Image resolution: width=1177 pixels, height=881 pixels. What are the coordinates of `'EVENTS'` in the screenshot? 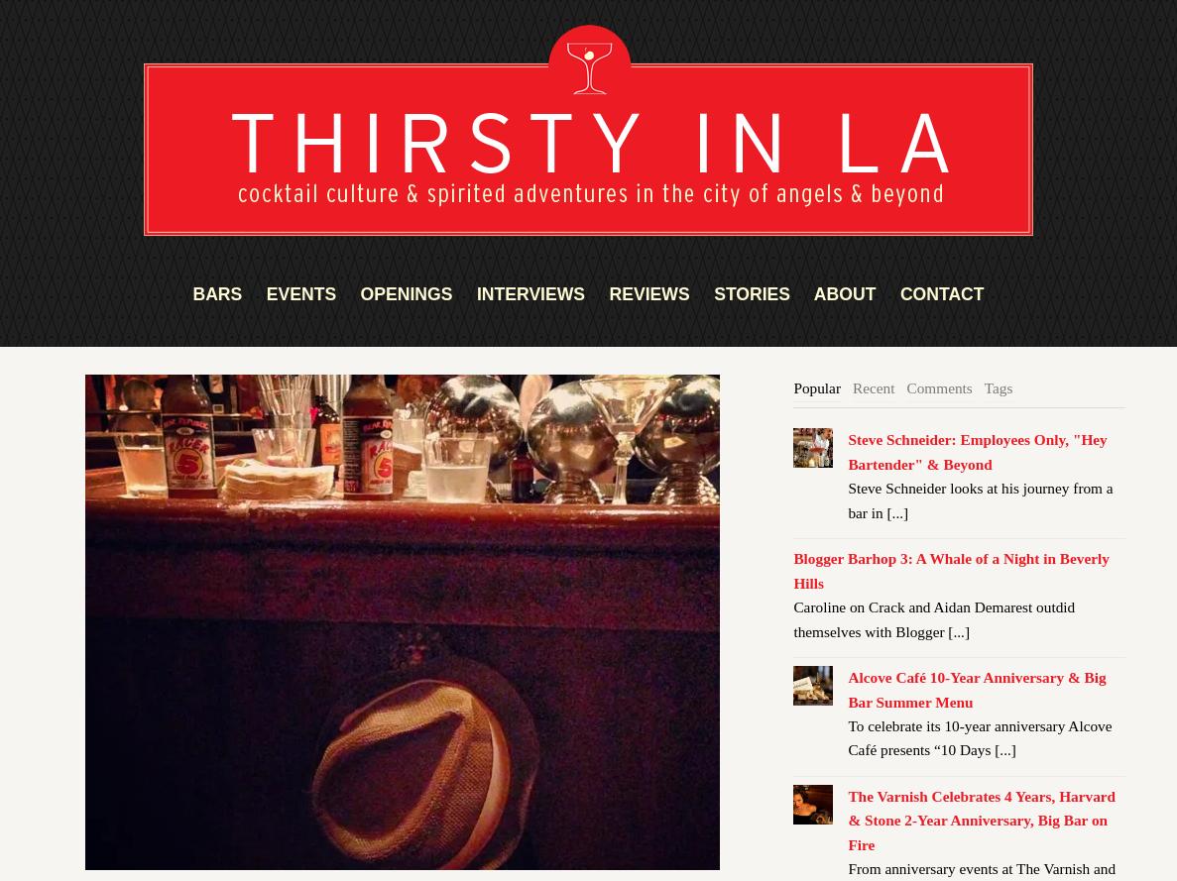 It's located at (300, 293).